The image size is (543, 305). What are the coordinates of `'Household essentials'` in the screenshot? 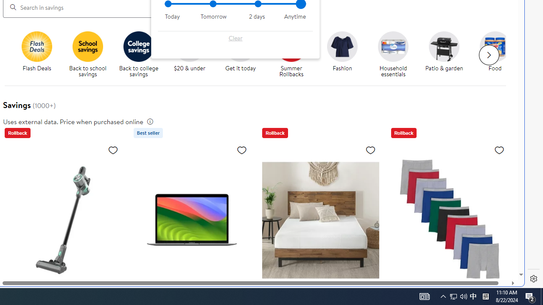 It's located at (396, 55).